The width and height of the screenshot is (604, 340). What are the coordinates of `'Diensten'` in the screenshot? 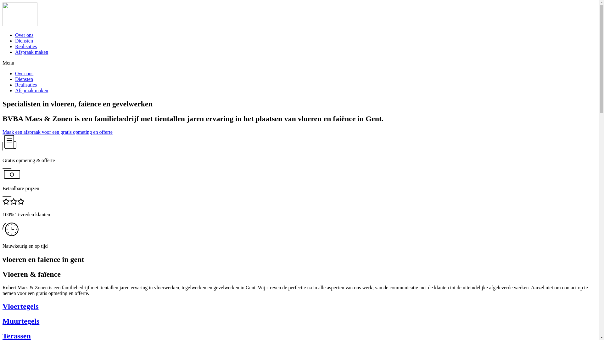 It's located at (24, 79).